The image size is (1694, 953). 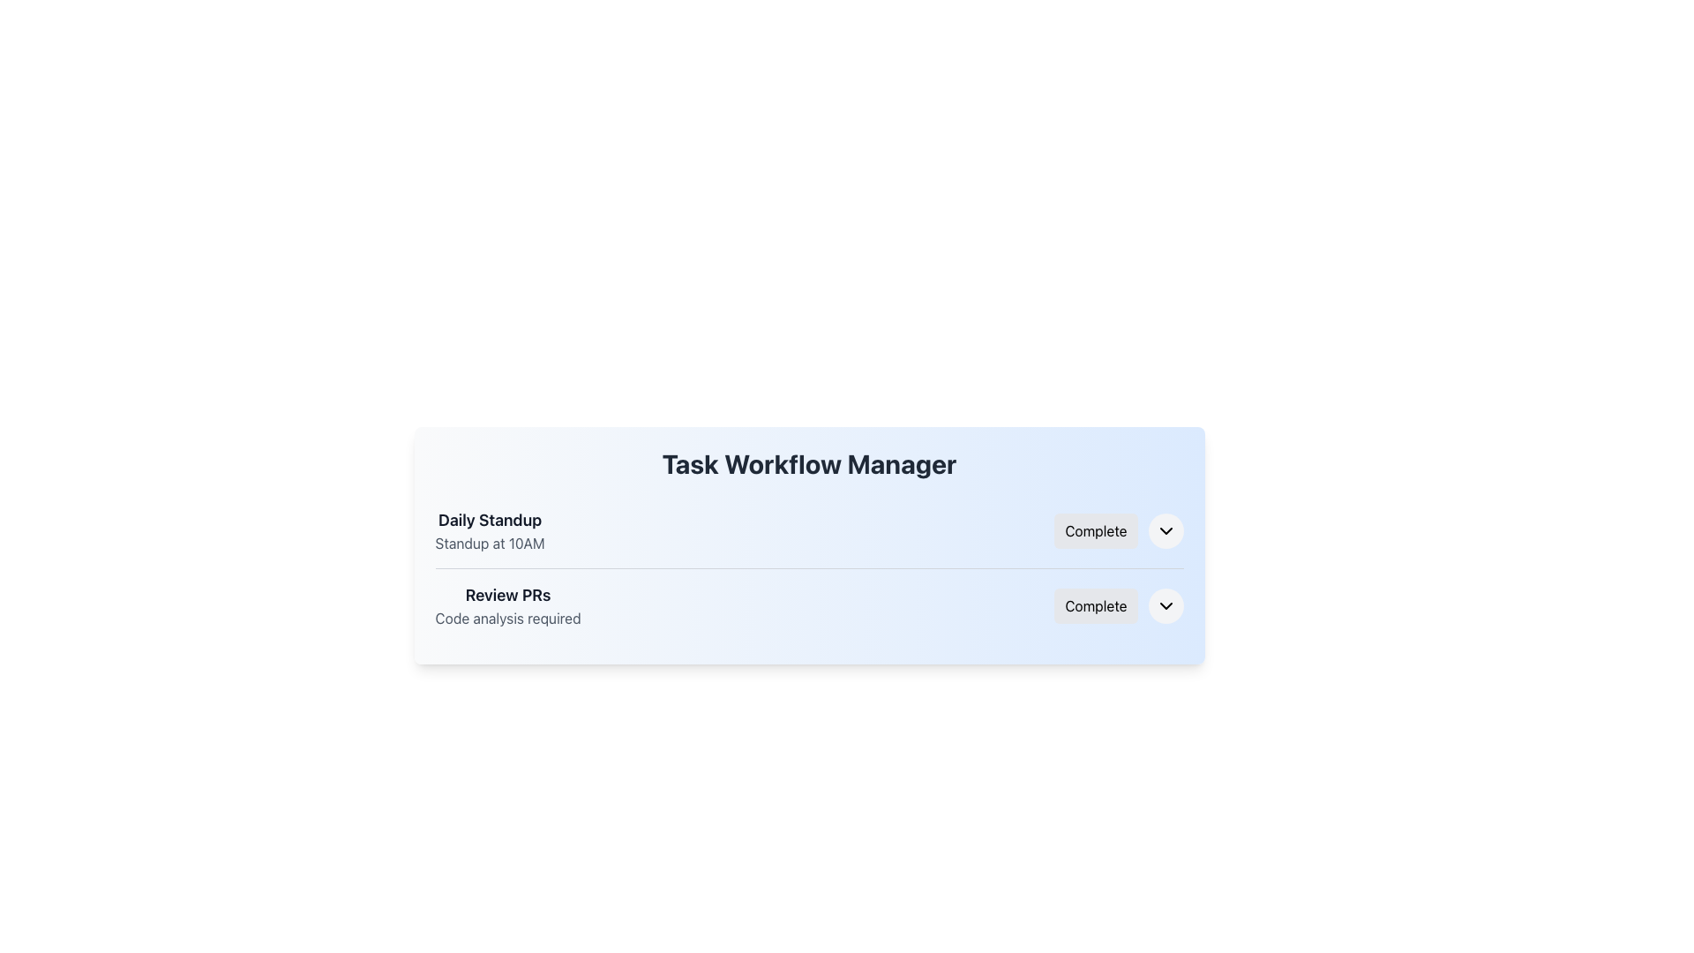 I want to click on the 'Complete' button with a gray background and rounded corners located on the right side of the 'Daily Standup' row, so click(x=1095, y=529).